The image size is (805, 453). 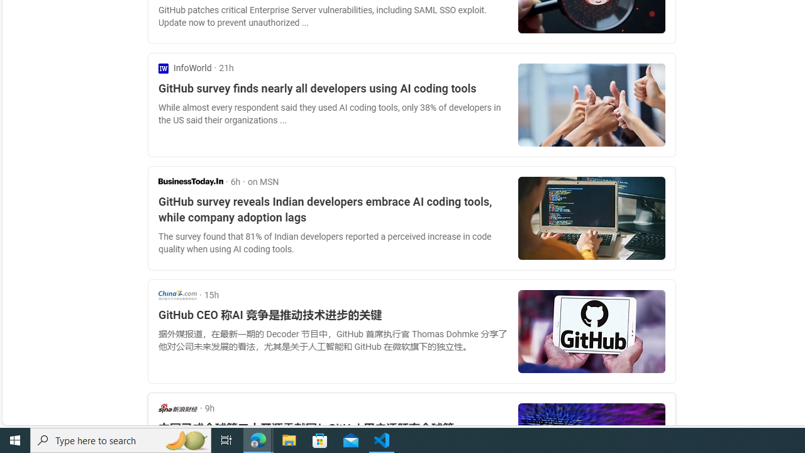 I want to click on 'Business Today', so click(x=190, y=181).